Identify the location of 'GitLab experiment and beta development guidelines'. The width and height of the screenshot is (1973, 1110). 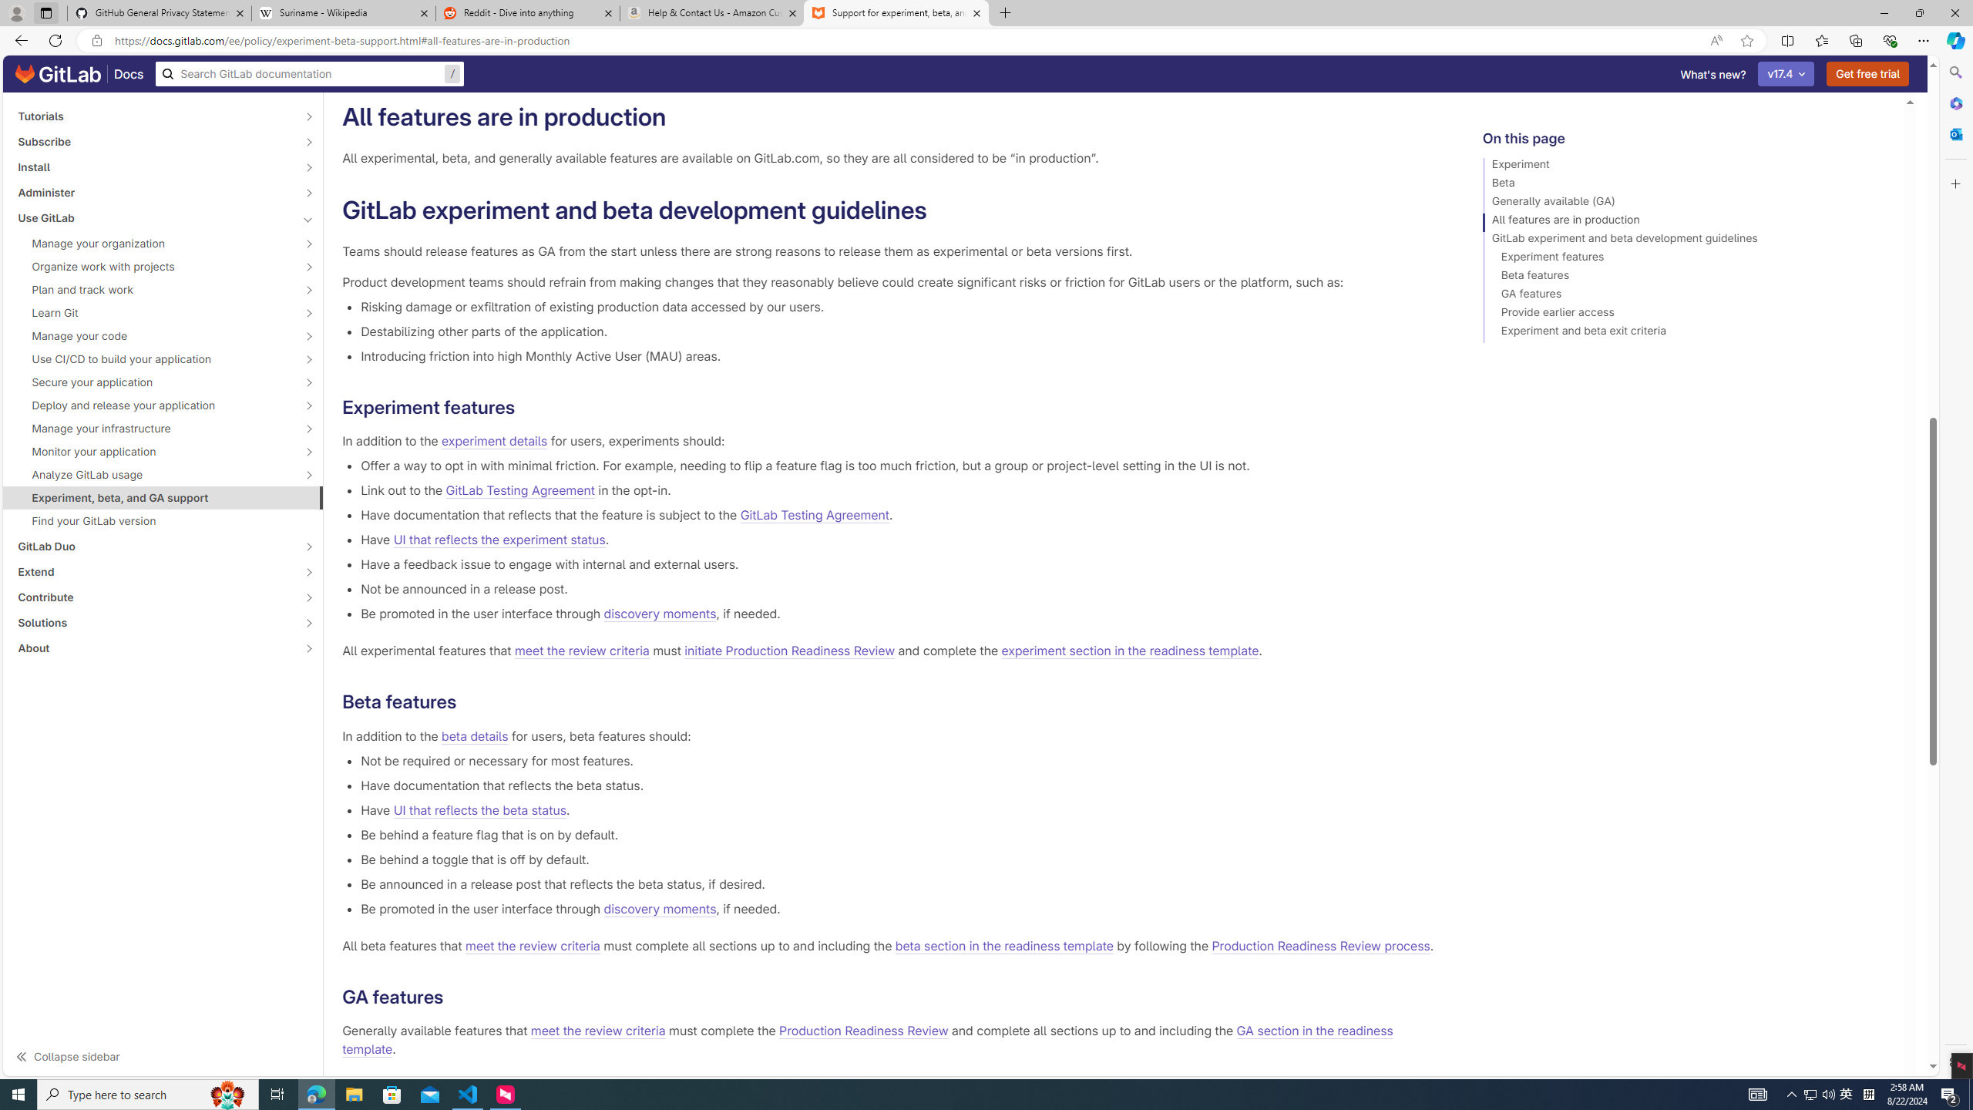
(1686, 240).